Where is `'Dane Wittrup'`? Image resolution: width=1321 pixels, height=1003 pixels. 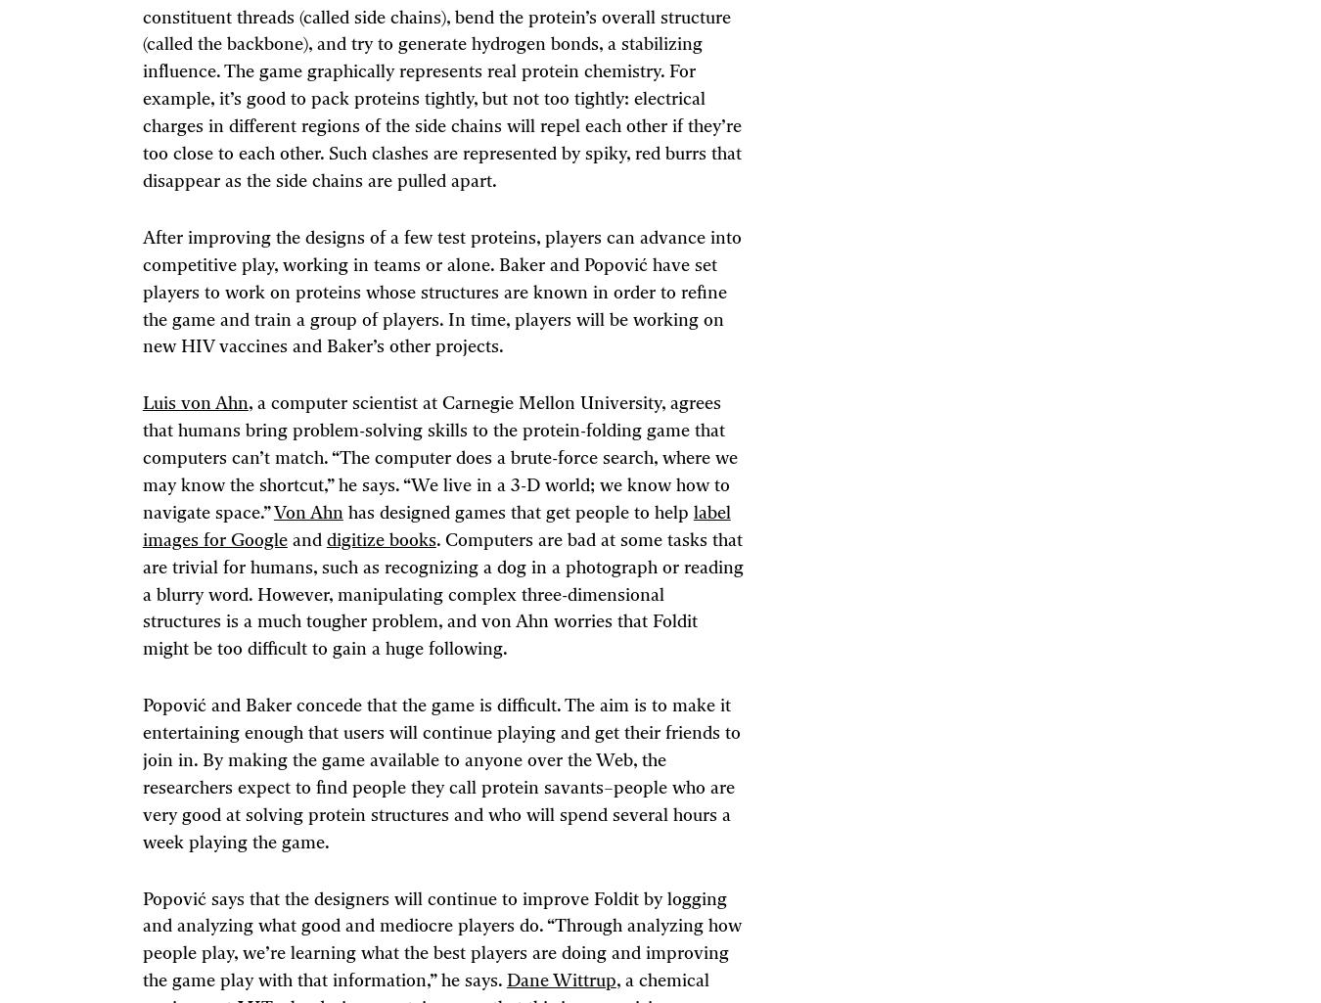
'Dane Wittrup' is located at coordinates (560, 980).